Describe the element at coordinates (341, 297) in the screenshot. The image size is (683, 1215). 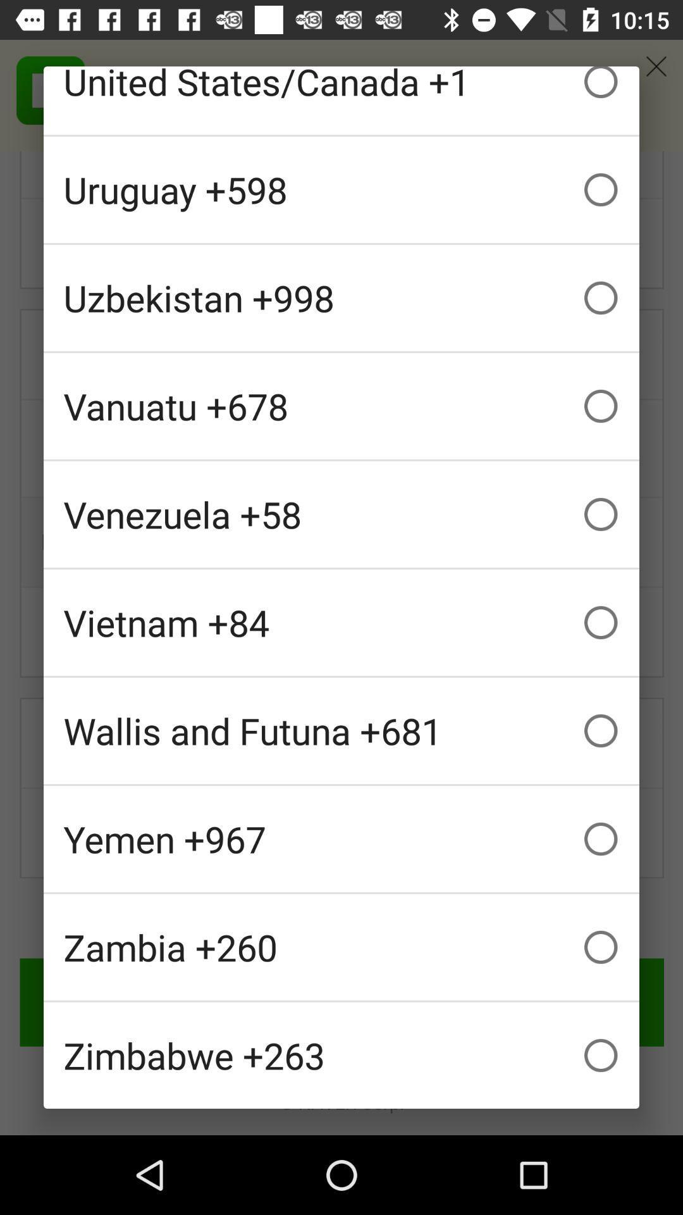
I see `uzbekistan +998` at that location.